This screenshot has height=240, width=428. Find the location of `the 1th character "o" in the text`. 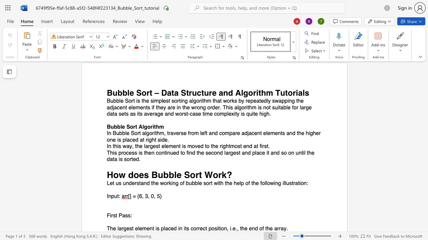

the 1th character "o" in the text is located at coordinates (194, 228).